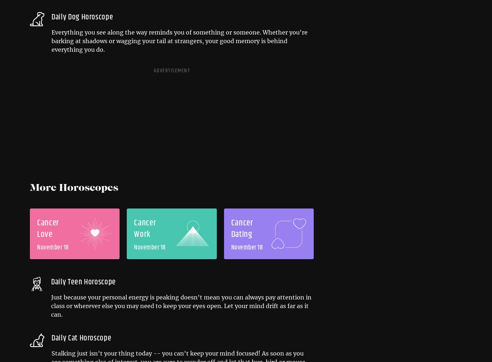  I want to click on 'Just because your personal energy is peaking doesn't mean you can always pay attention in class or wherever else you may need to keep your eyes open. Let your mind drift as far as it can.', so click(51, 306).